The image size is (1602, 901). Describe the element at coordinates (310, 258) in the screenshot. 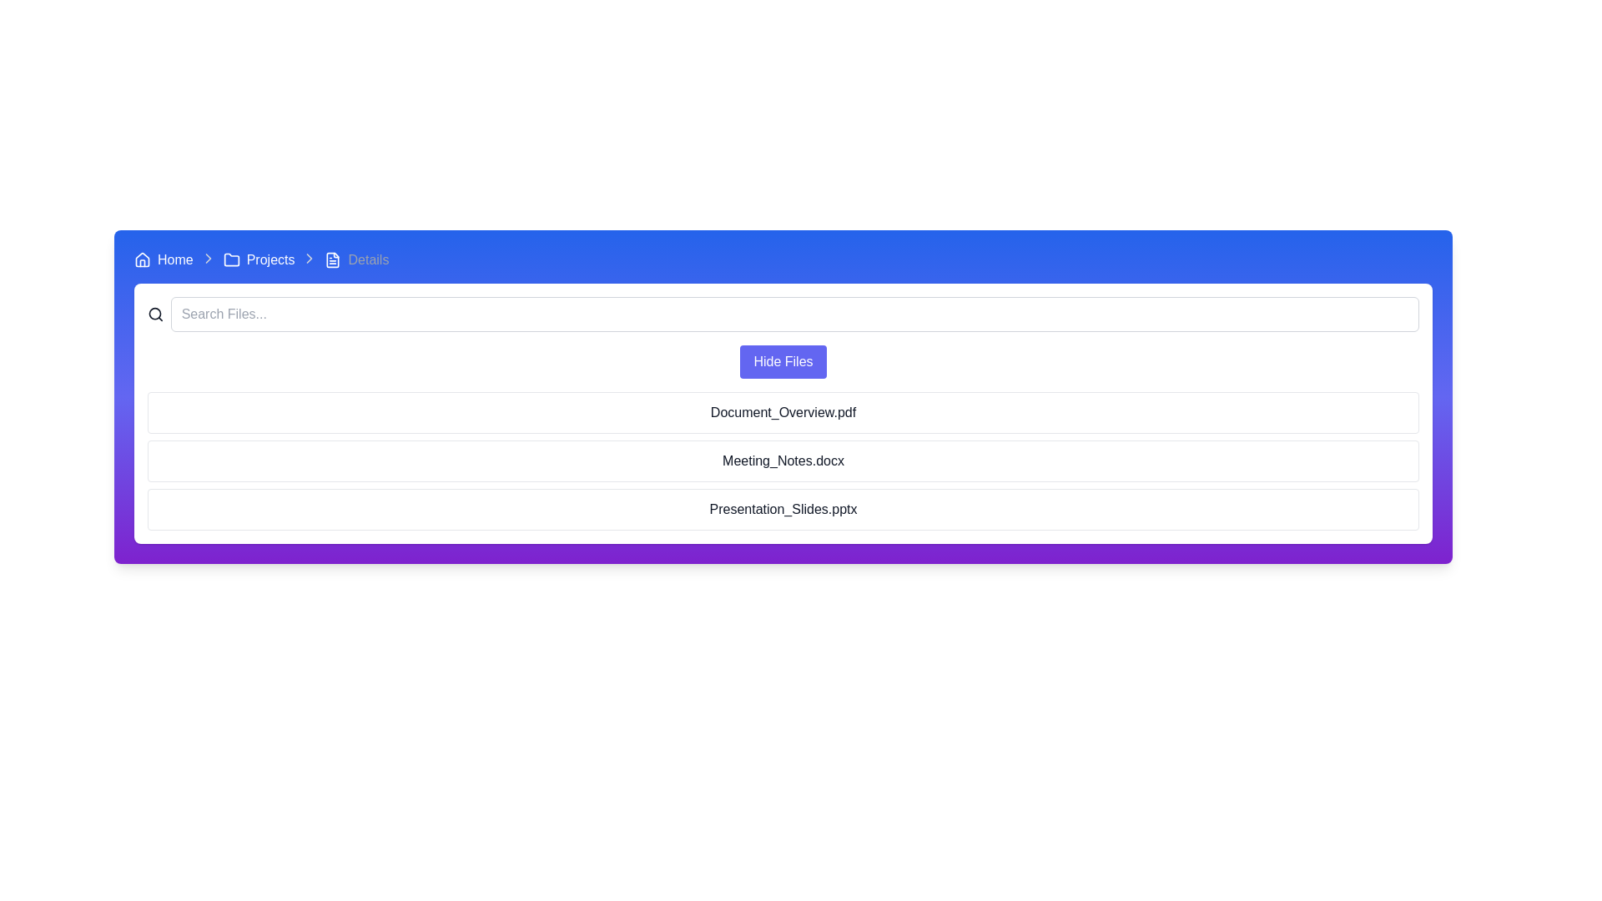

I see `the chevron icon in the breadcrumb navigation bar, located next to the 'Projects' label and before the 'Details' label, which indicates navigation possibility within the structural hierarchy` at that location.